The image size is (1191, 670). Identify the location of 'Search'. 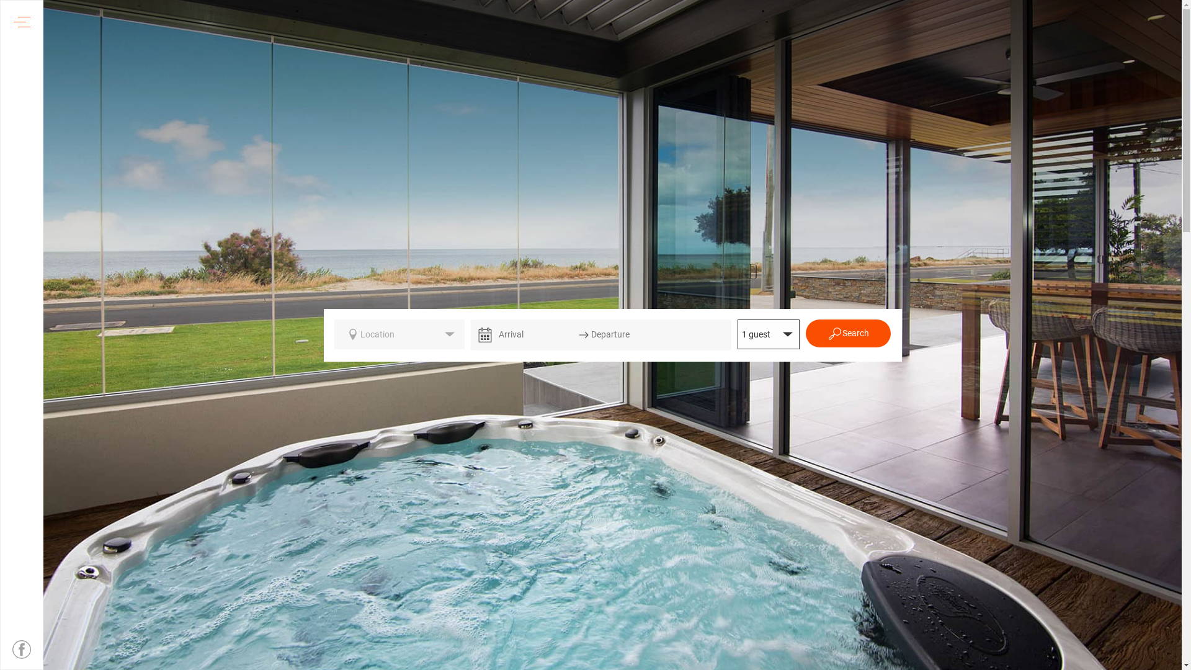
(806, 333).